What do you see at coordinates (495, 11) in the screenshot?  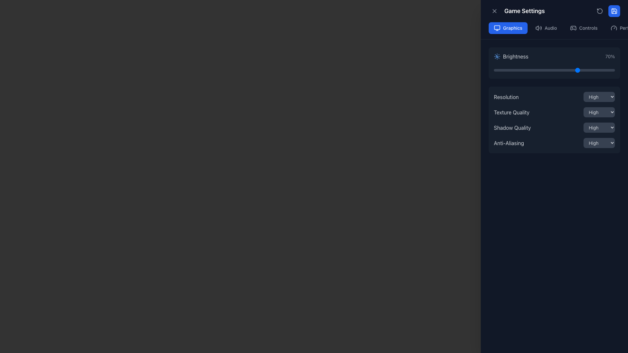 I see `the 'X' icon button located in the top-left section of the settings panel` at bounding box center [495, 11].